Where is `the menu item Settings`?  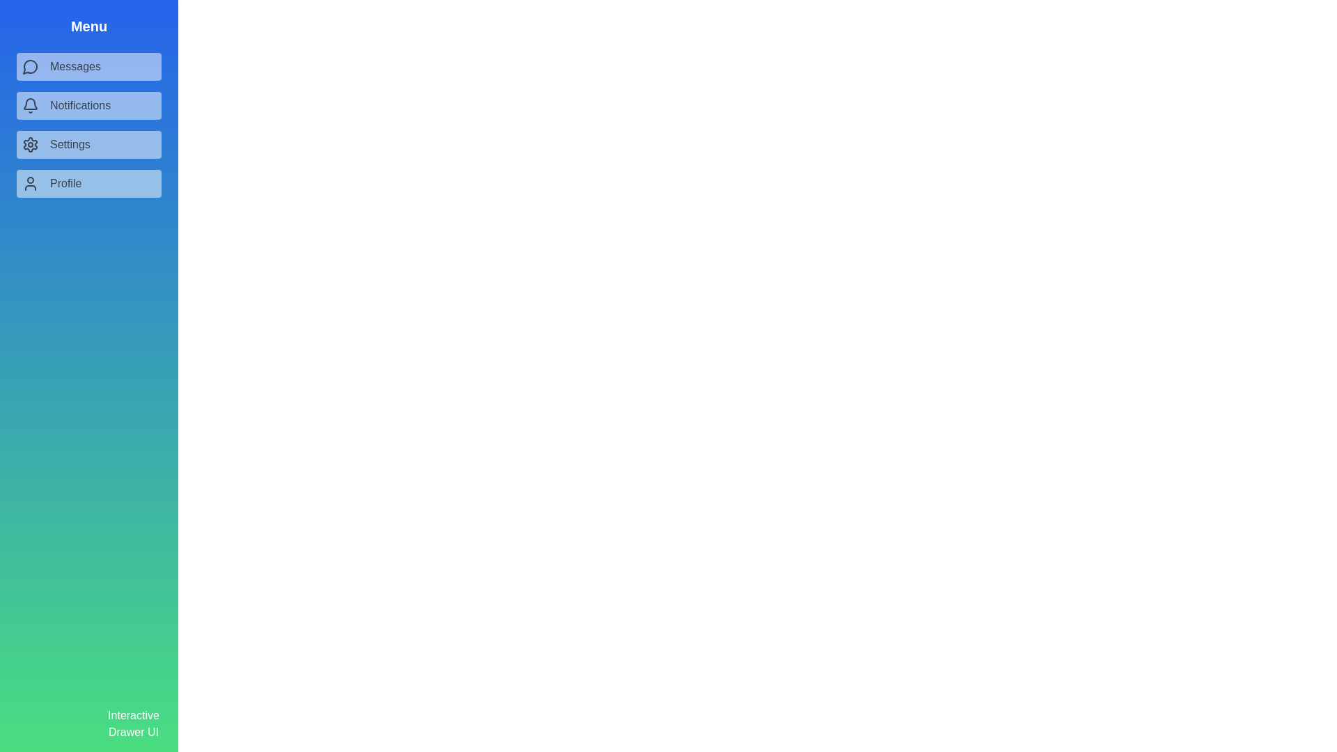
the menu item Settings is located at coordinates (88, 145).